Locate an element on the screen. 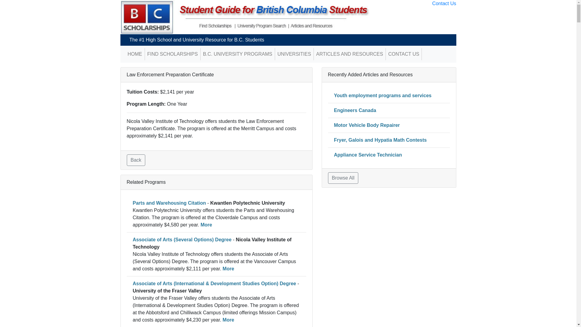 Image resolution: width=581 pixels, height=327 pixels. 'UNIVERSITIES' is located at coordinates (274, 54).